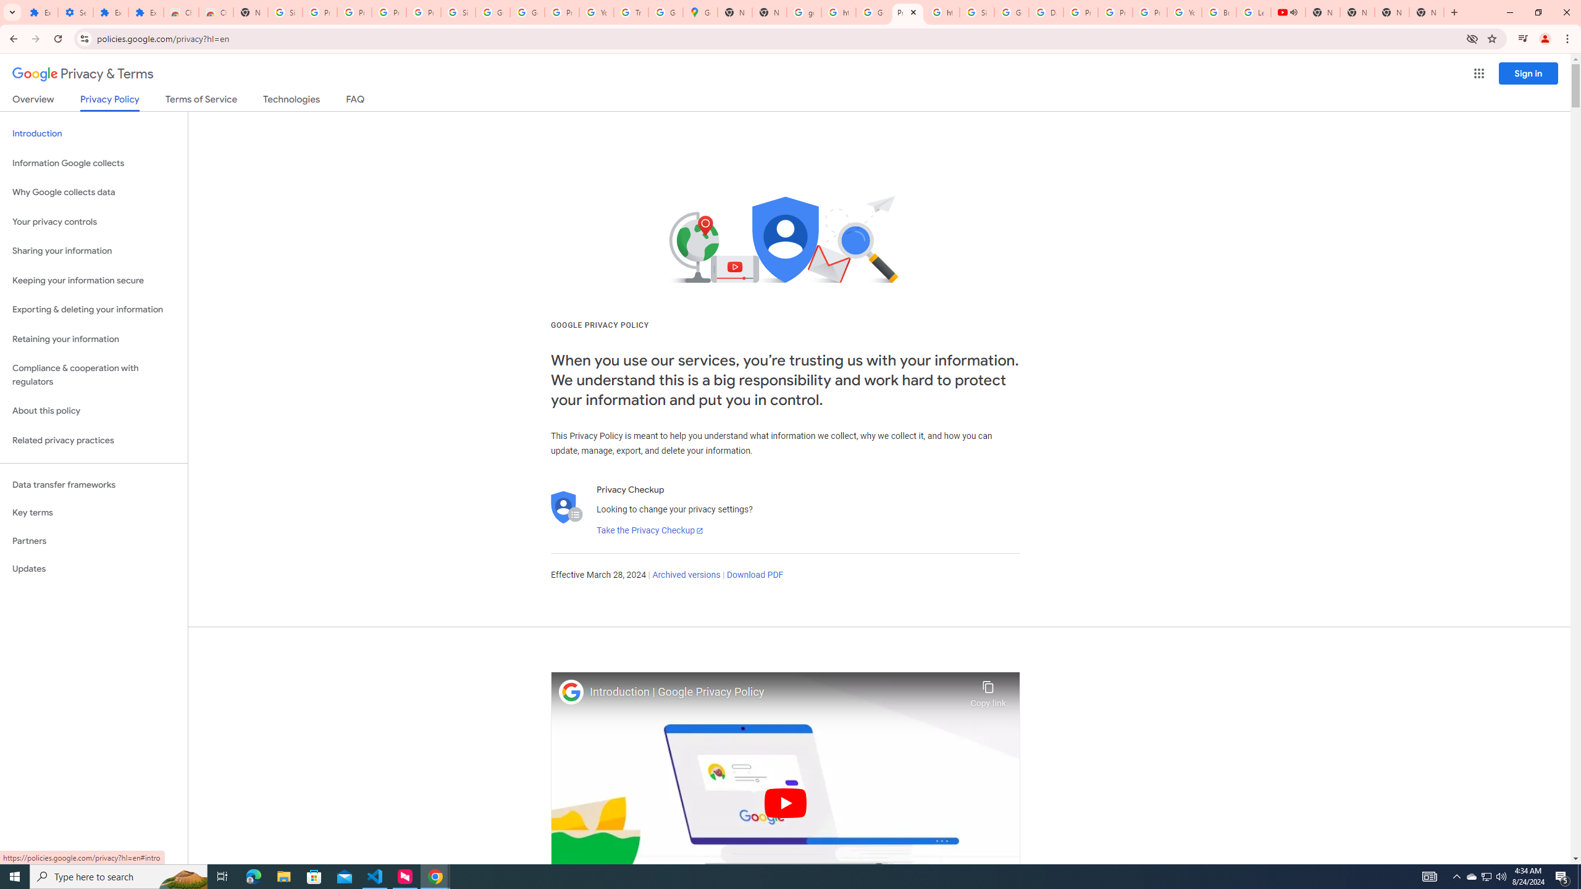 This screenshot has width=1581, height=889. What do you see at coordinates (75, 12) in the screenshot?
I see `'Settings'` at bounding box center [75, 12].